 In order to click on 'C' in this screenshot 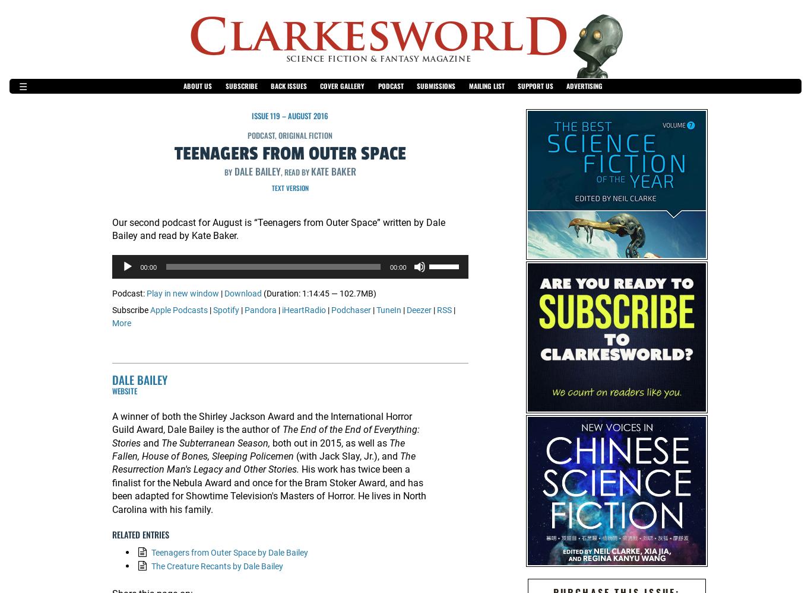, I will do `click(187, 37)`.